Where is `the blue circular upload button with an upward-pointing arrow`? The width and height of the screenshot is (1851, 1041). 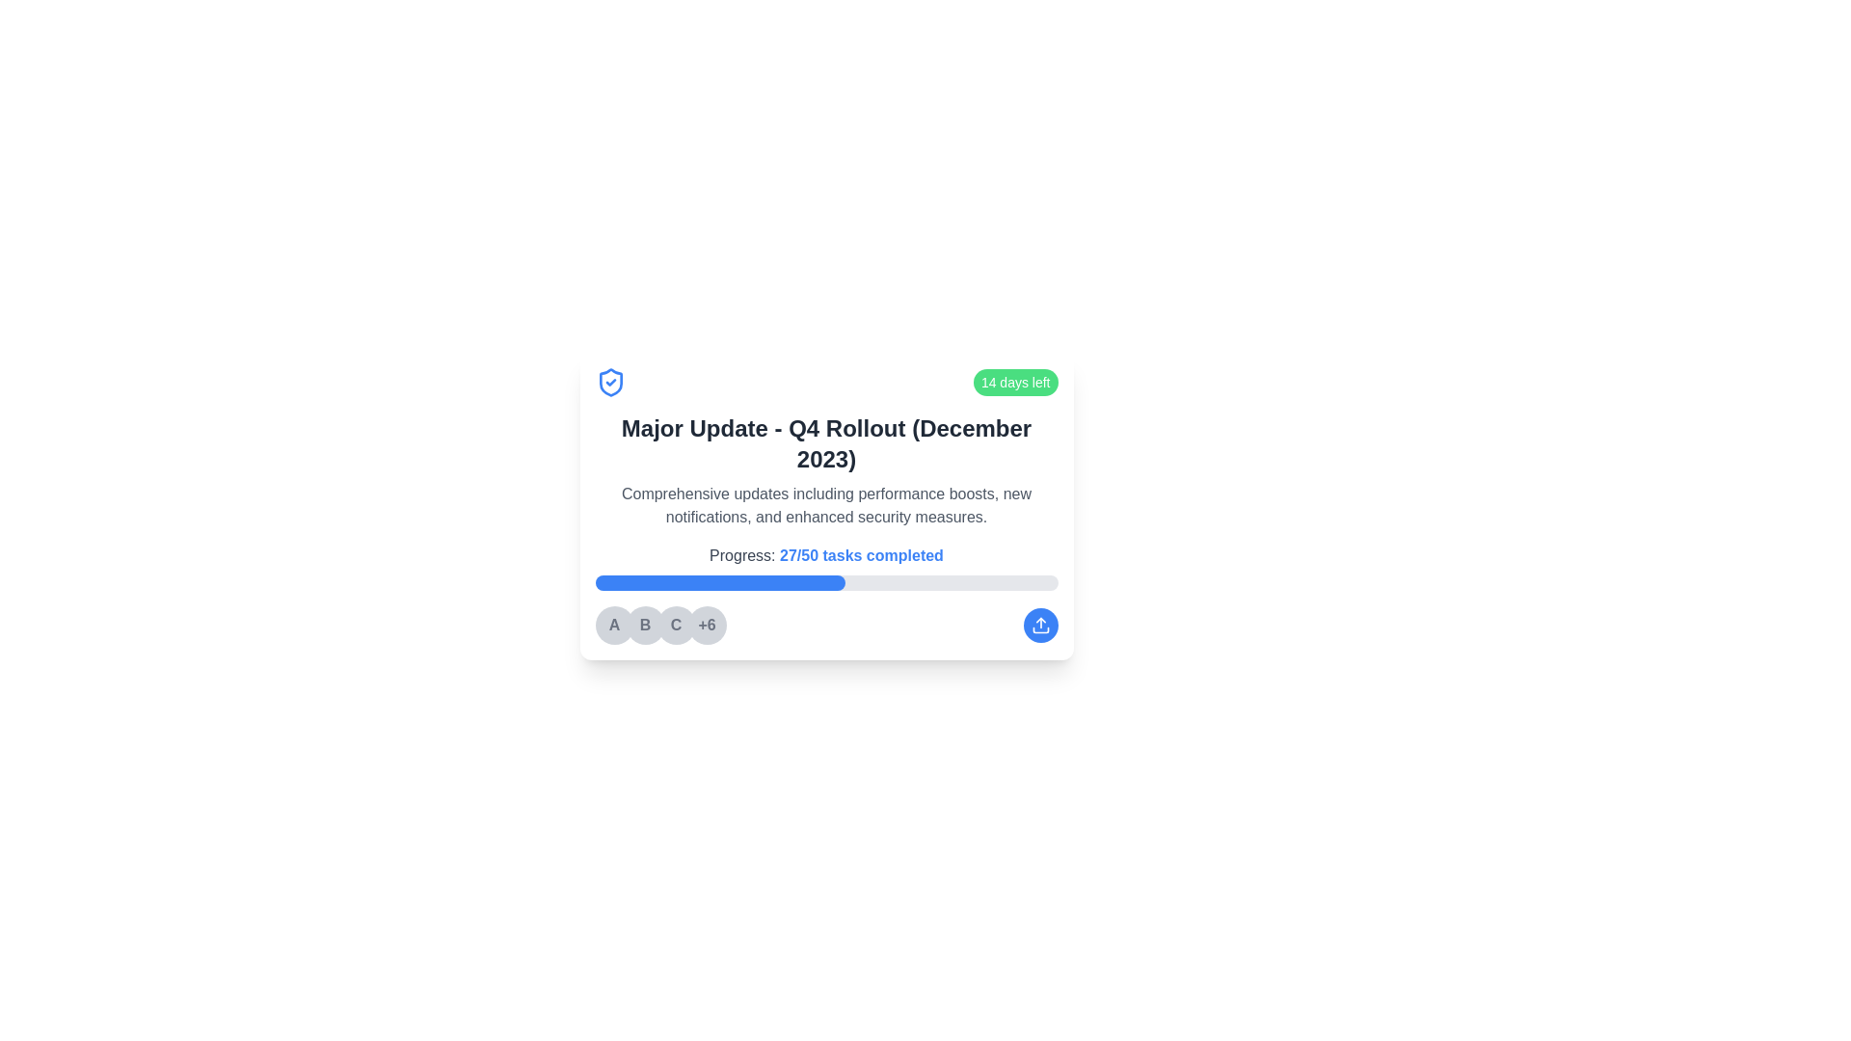
the blue circular upload button with an upward-pointing arrow is located at coordinates (1039, 625).